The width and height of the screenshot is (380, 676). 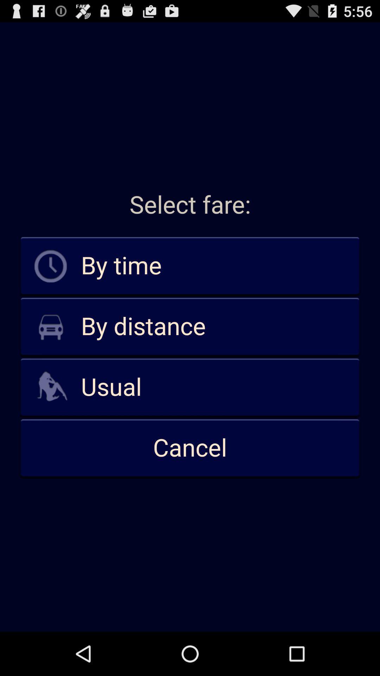 What do you see at coordinates (190, 448) in the screenshot?
I see `icon below the usual icon` at bounding box center [190, 448].